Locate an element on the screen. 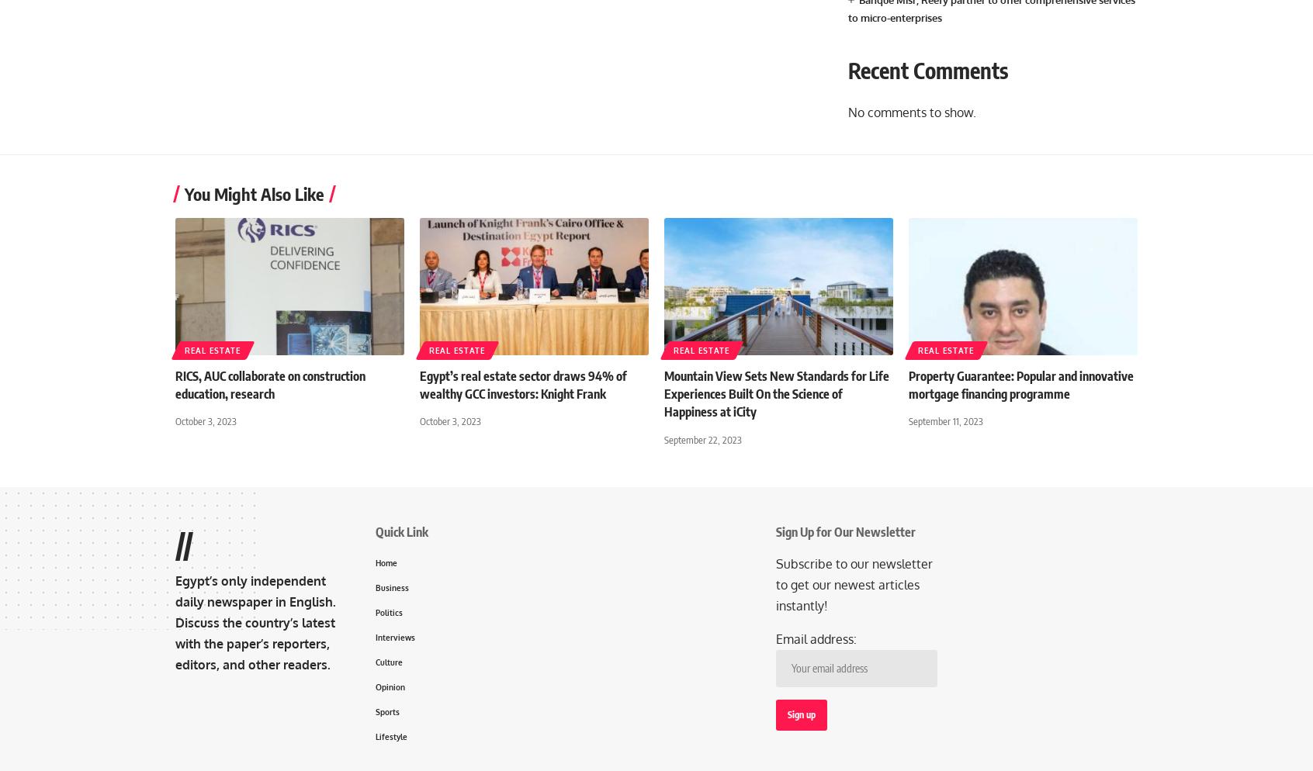 Image resolution: width=1313 pixels, height=771 pixels. 'RICS, AUC collaborate on construction education, research' is located at coordinates (269, 384).